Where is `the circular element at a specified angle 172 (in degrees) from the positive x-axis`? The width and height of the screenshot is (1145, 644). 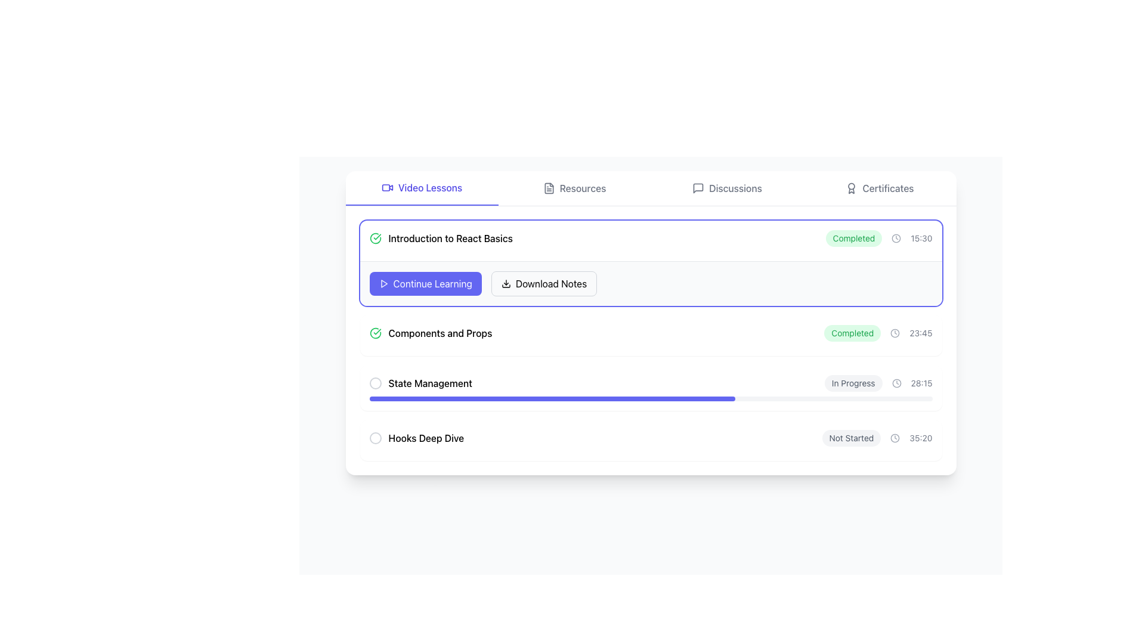 the circular element at a specified angle 172 (in degrees) from the positive x-axis is located at coordinates (890, 440).